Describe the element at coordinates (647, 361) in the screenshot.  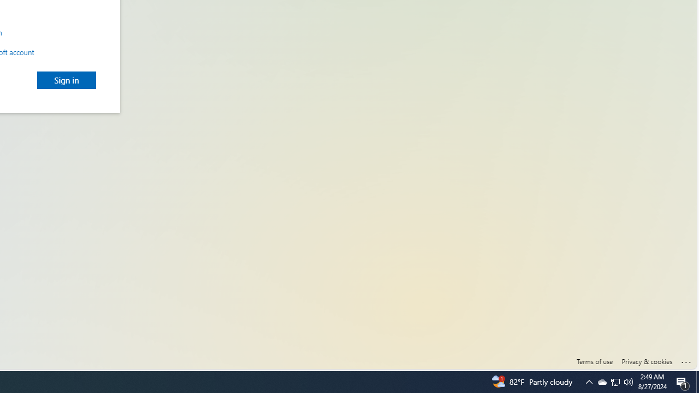
I see `'Privacy & cookies'` at that location.